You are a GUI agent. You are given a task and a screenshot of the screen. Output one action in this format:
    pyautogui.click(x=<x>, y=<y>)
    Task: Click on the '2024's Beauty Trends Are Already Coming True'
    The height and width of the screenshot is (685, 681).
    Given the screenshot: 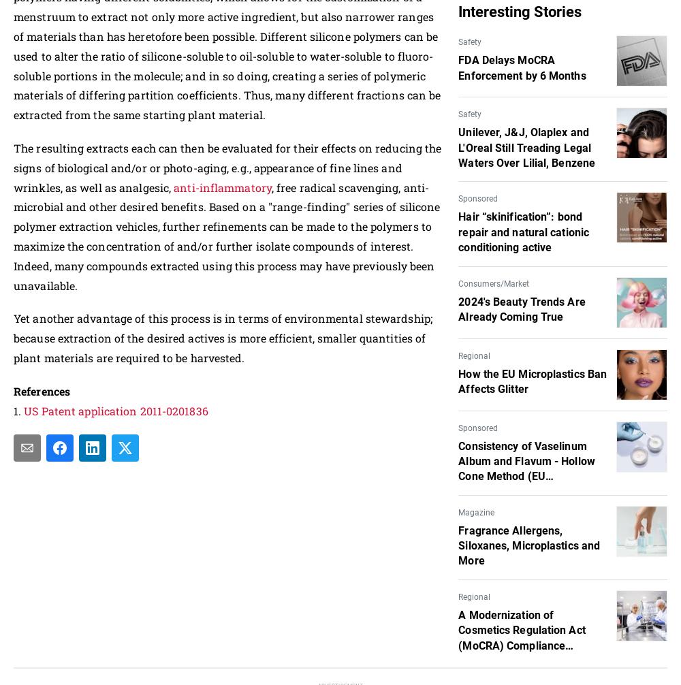 What is the action you would take?
    pyautogui.click(x=522, y=308)
    